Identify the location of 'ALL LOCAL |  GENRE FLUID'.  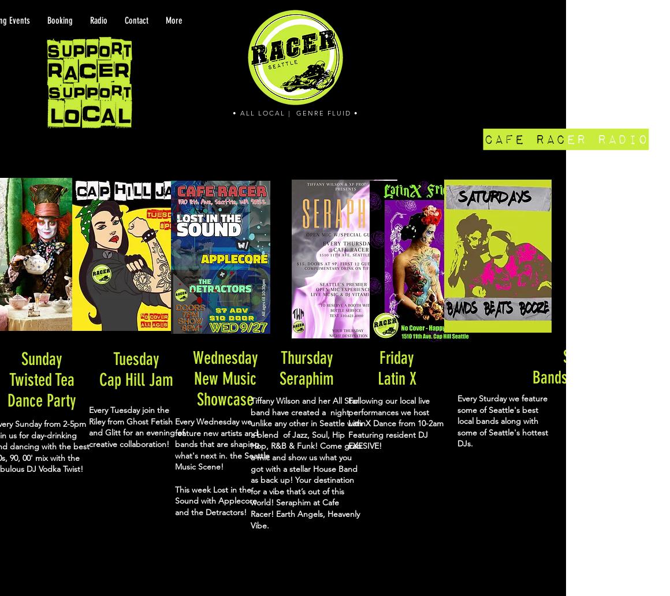
(296, 112).